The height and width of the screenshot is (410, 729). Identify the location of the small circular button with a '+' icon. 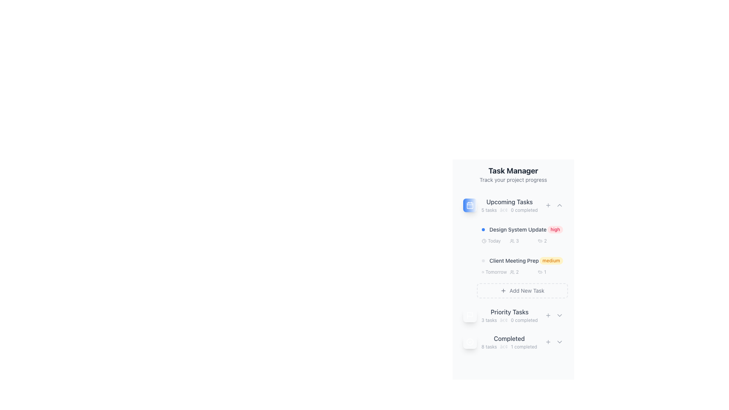
(548, 205).